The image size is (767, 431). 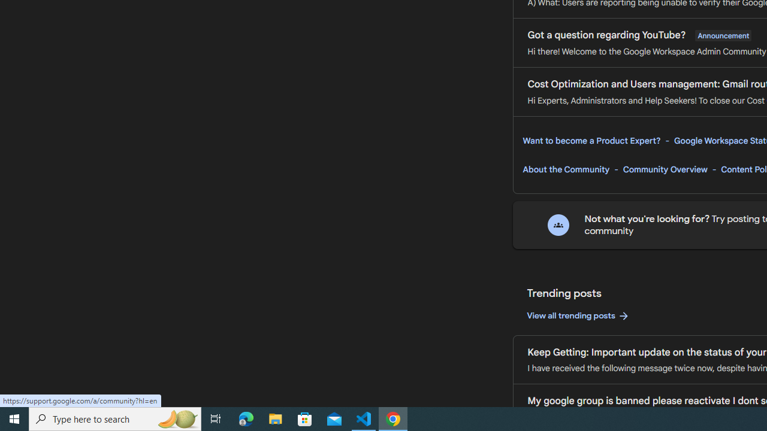 What do you see at coordinates (578, 315) in the screenshot?
I see `'View all trending posts'` at bounding box center [578, 315].